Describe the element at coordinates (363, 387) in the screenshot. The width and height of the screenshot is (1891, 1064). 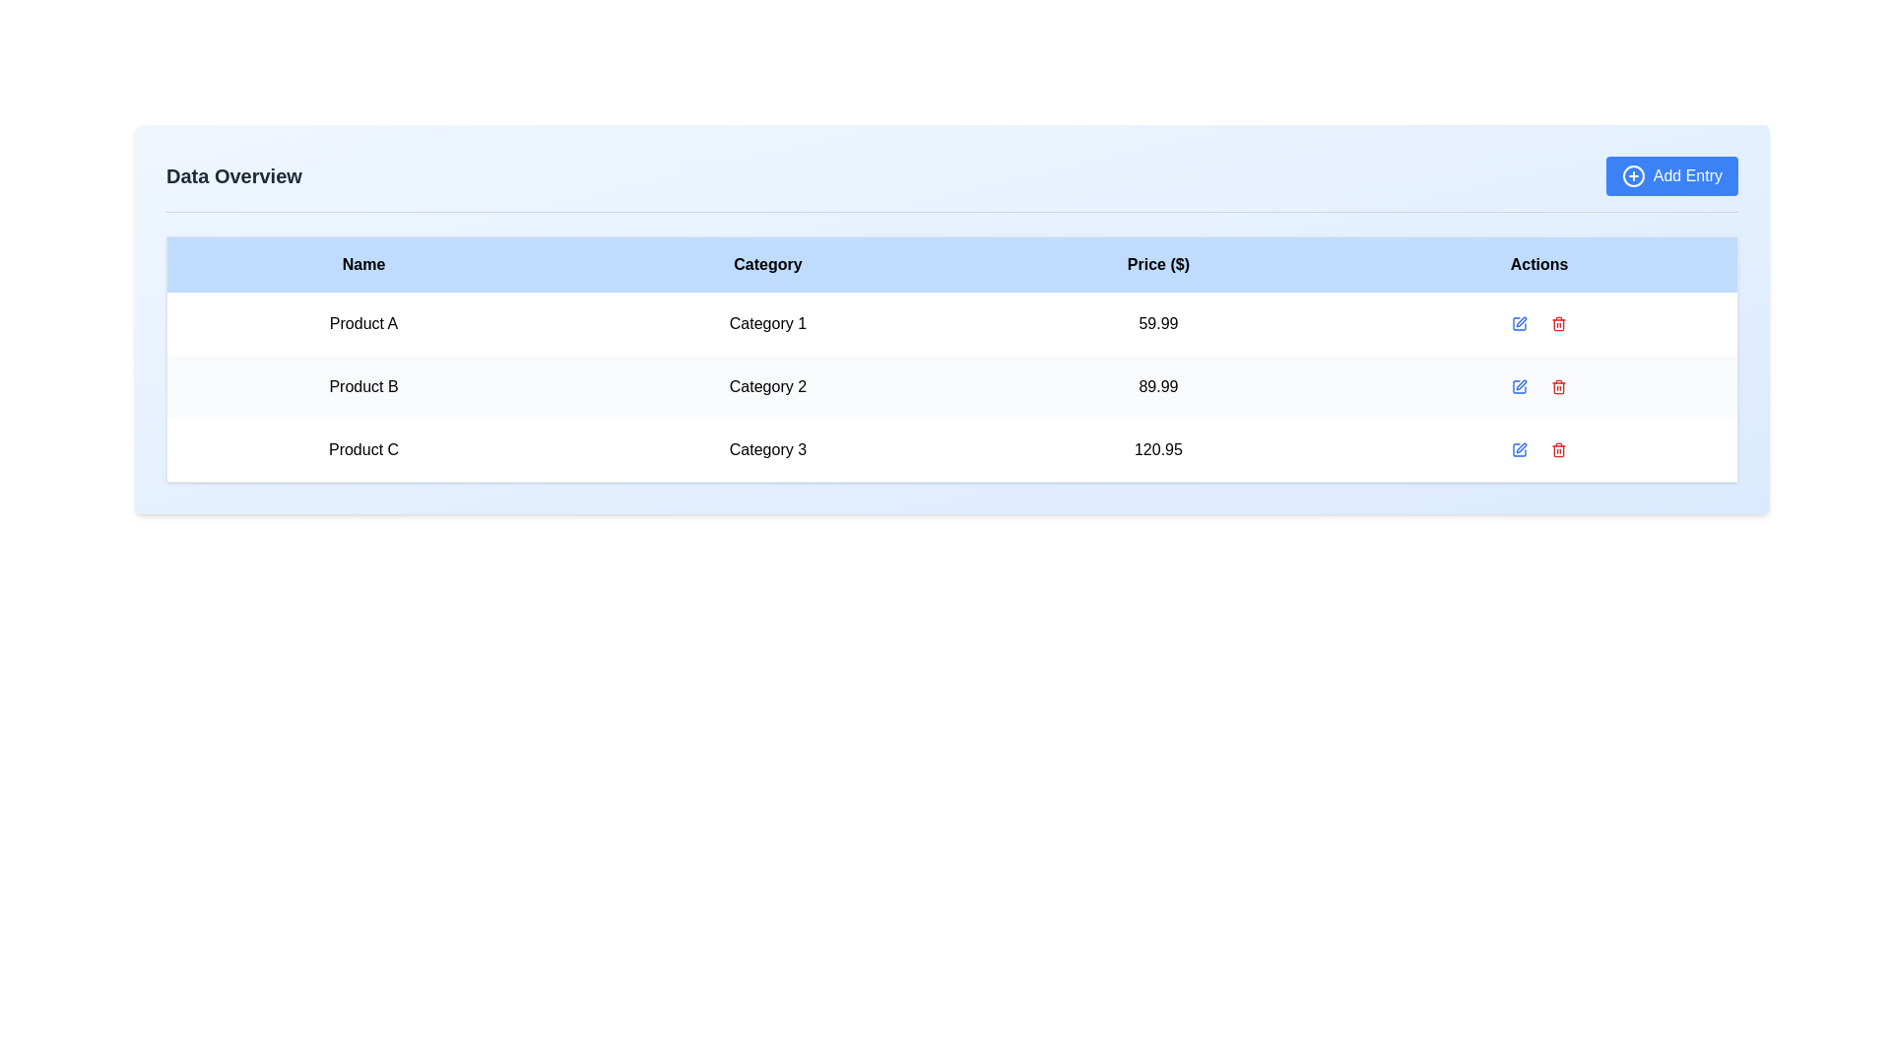
I see `the Text Label displaying the product name in the second row of the table, which is located in the 'Name' column` at that location.